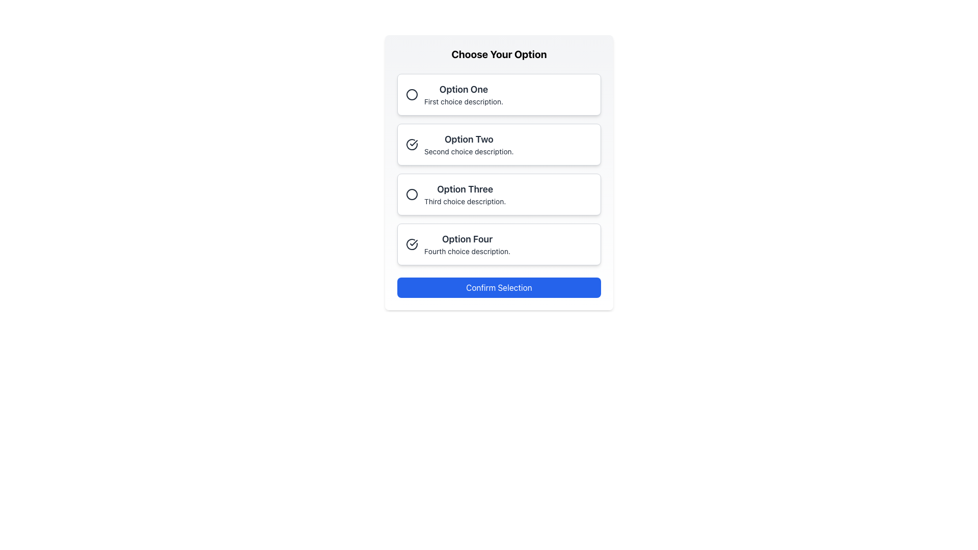  Describe the element at coordinates (499, 145) in the screenshot. I see `the second clickable card in the vertical list of options` at that location.